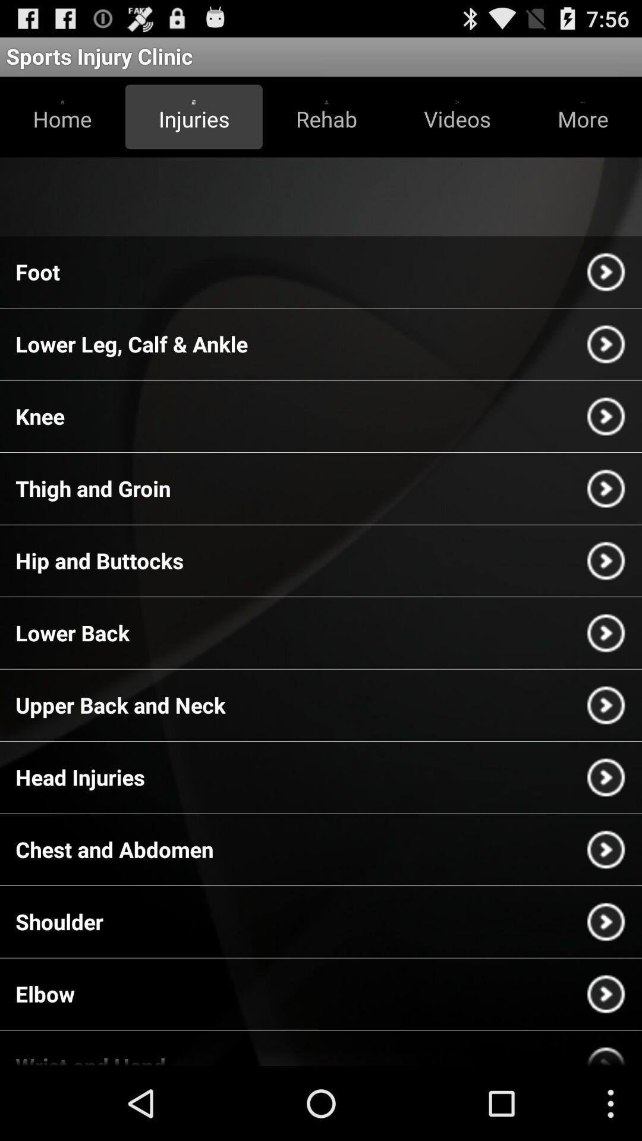 This screenshot has width=642, height=1141. What do you see at coordinates (606, 343) in the screenshot?
I see `item to the right of the lower leg calf` at bounding box center [606, 343].